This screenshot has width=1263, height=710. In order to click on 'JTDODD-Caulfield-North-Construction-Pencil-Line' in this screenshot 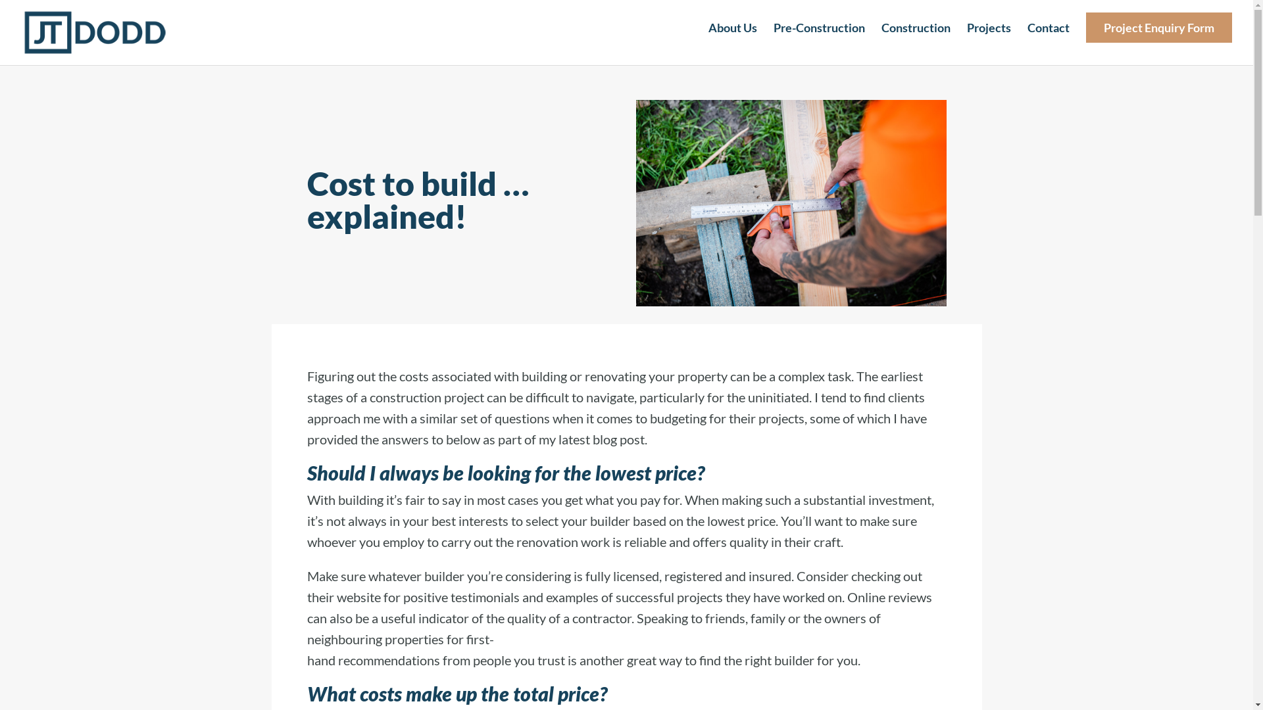, I will do `click(790, 202)`.